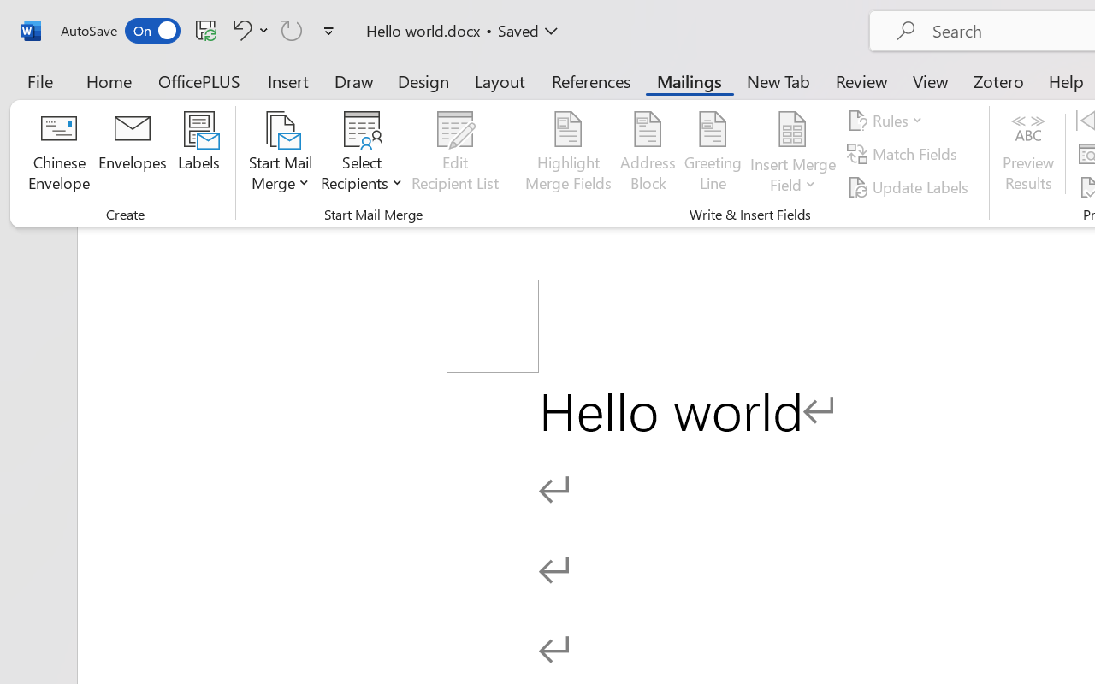  Describe the element at coordinates (998, 80) in the screenshot. I see `'Zotero'` at that location.